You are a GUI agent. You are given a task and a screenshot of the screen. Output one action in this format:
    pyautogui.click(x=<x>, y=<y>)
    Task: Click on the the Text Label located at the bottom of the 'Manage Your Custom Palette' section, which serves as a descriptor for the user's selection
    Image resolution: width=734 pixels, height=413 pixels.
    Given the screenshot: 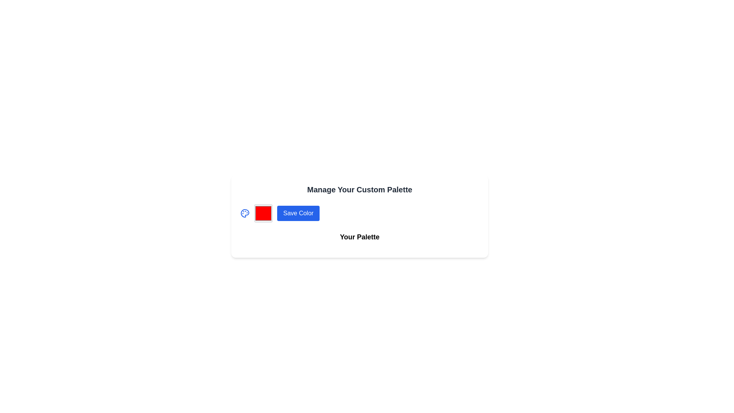 What is the action you would take?
    pyautogui.click(x=359, y=240)
    